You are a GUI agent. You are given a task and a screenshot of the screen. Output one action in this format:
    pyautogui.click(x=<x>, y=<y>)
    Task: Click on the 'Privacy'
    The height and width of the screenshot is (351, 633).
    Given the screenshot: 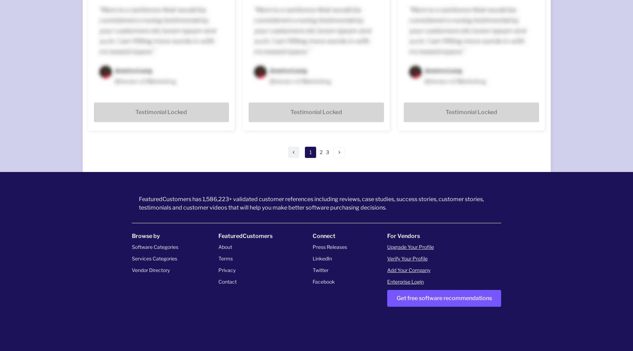 What is the action you would take?
    pyautogui.click(x=227, y=270)
    